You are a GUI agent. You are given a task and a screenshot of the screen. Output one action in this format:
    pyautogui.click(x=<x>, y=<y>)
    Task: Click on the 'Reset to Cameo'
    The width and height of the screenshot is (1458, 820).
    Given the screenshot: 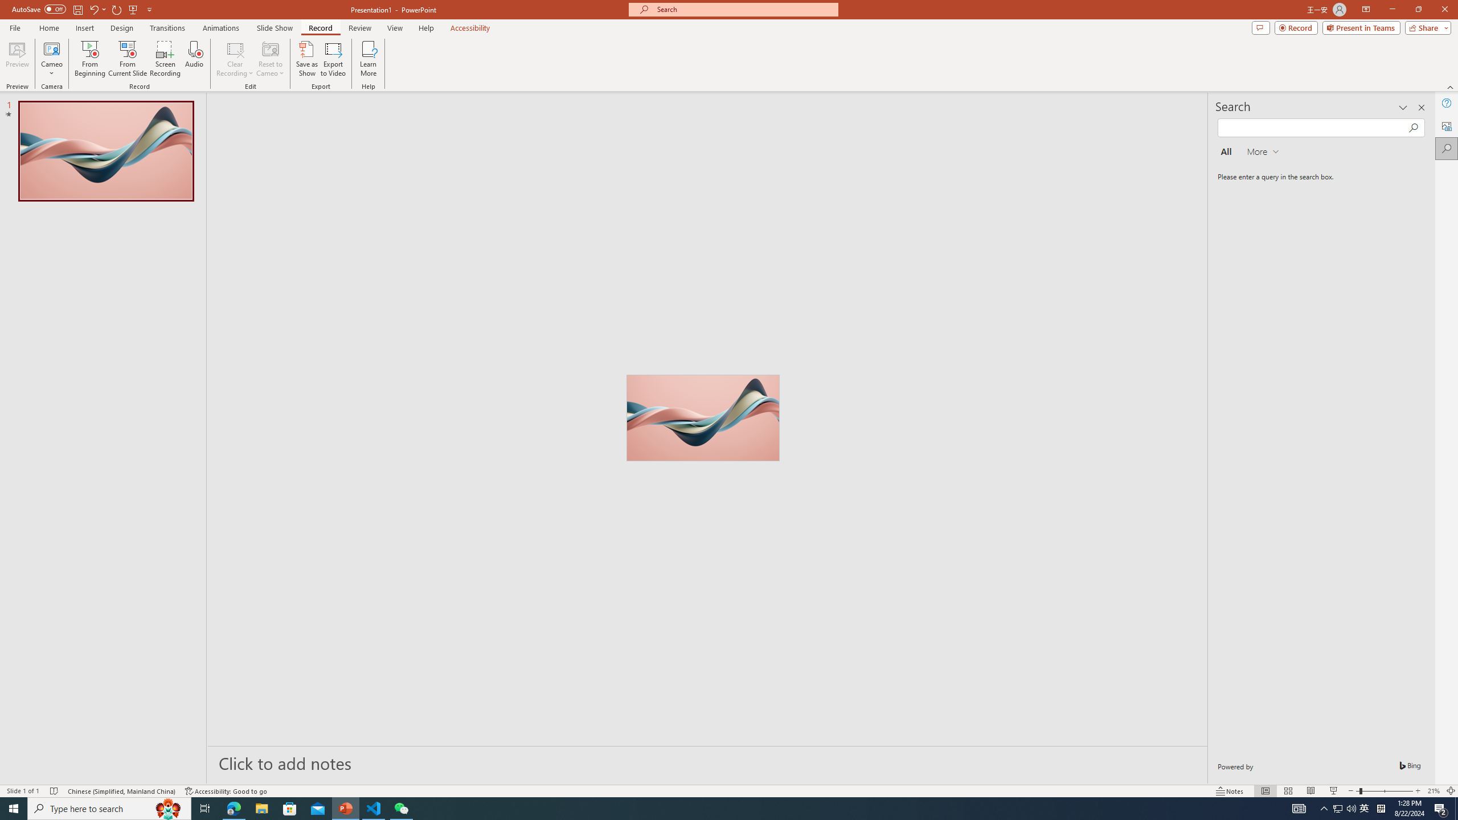 What is the action you would take?
    pyautogui.click(x=269, y=59)
    